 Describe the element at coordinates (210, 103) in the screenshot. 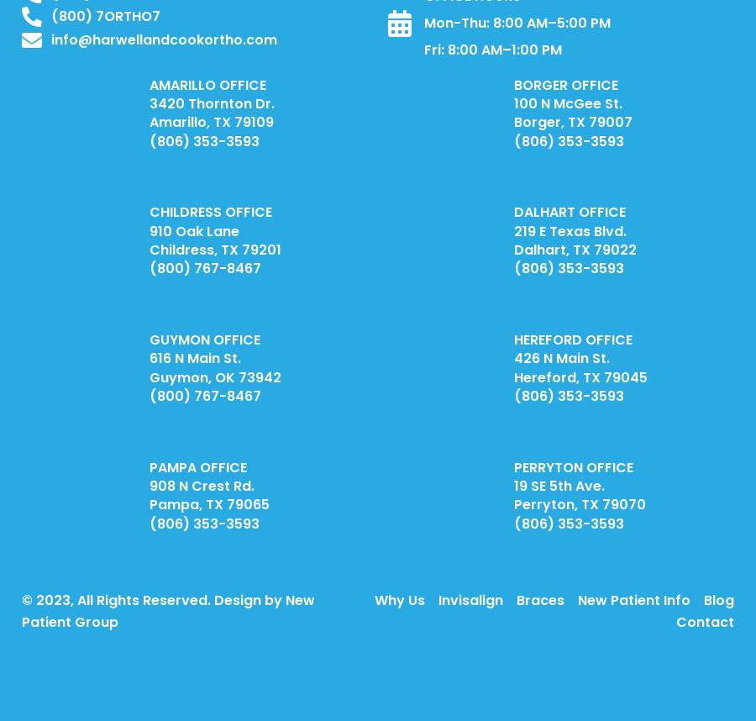

I see `'3420 Thornton Dr.'` at that location.